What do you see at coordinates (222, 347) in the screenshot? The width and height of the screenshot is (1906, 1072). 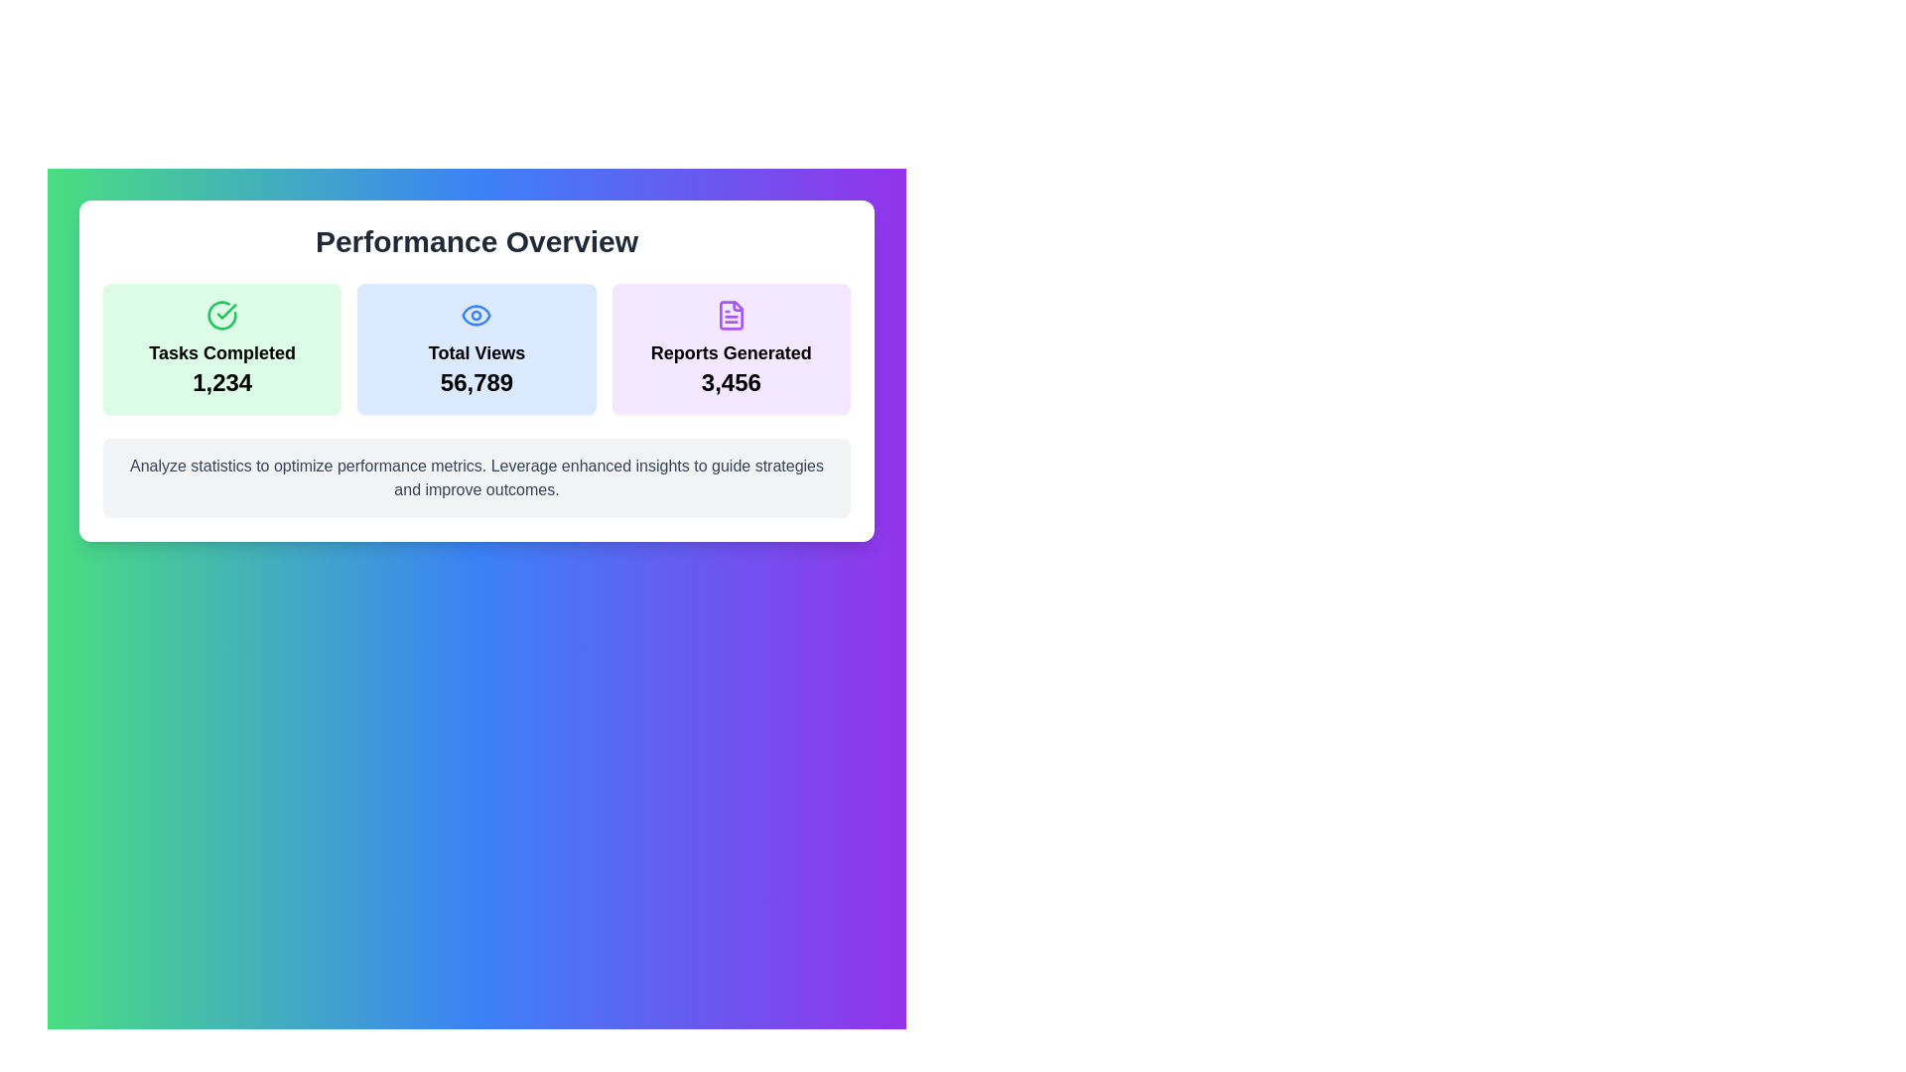 I see `displayed text on the Information summary card that shows the count of tasks completed, which is the first card in the first column of a grid layout` at bounding box center [222, 347].